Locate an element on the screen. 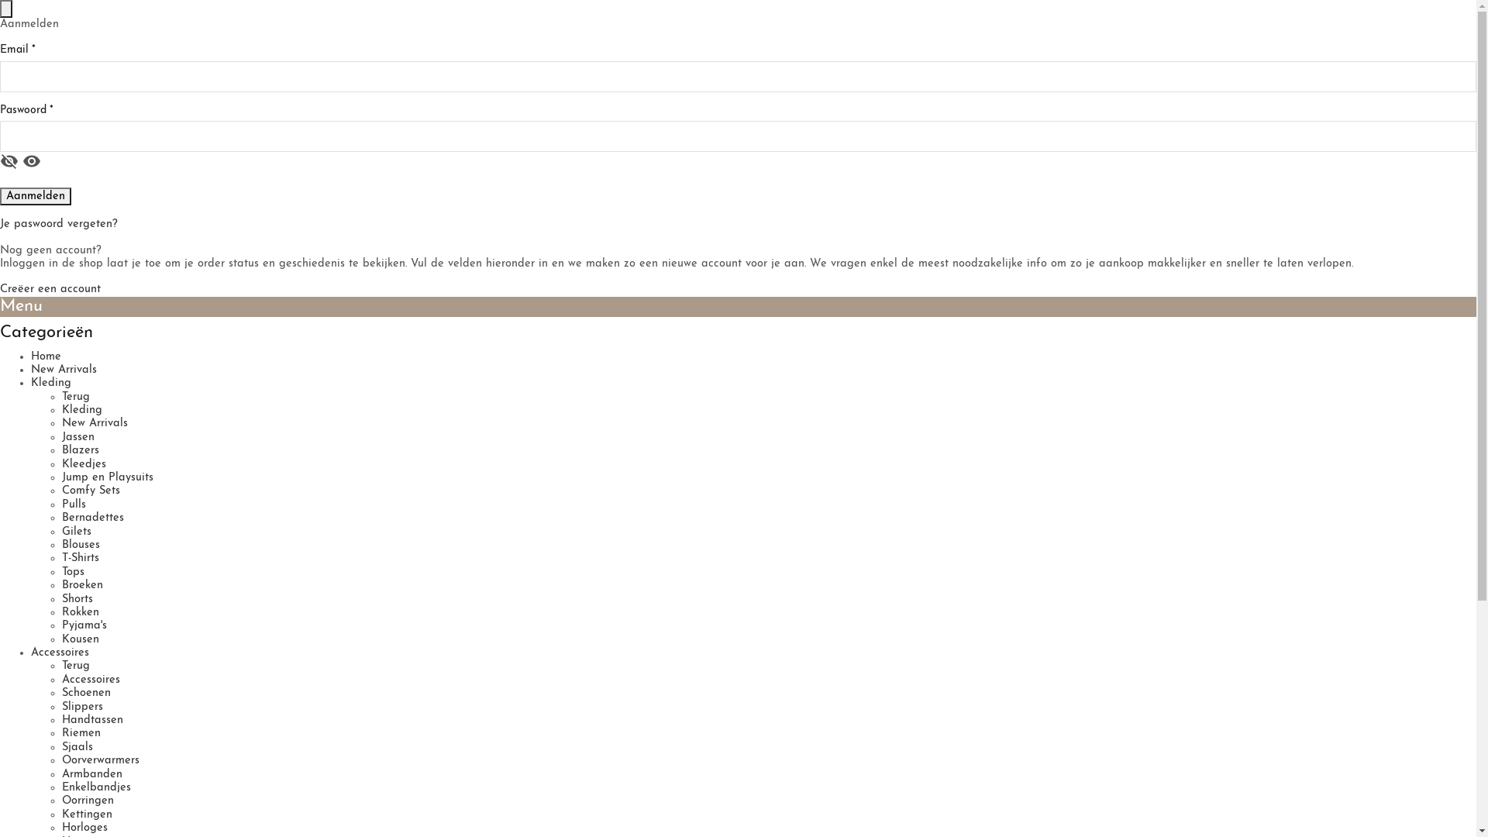  'Accessoires' is located at coordinates (90, 679).